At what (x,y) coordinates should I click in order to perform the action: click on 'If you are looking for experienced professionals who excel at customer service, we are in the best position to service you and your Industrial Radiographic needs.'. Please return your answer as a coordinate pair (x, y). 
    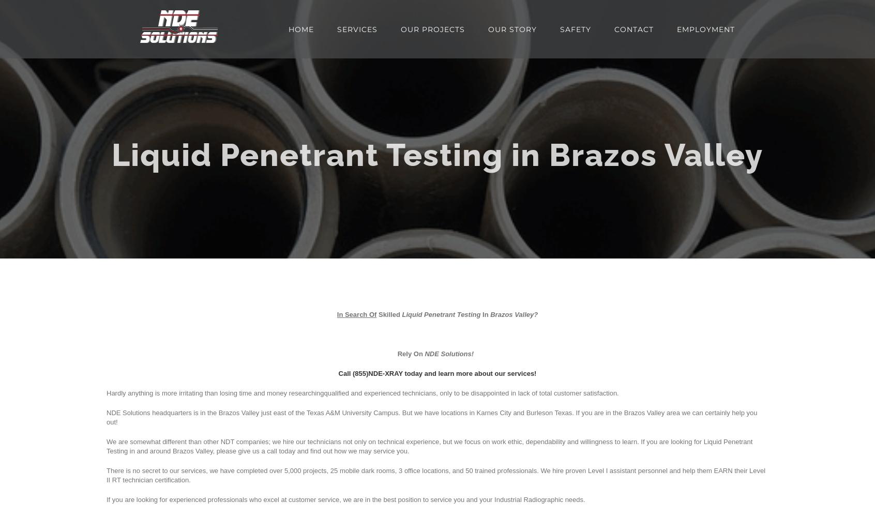
    Looking at the image, I should click on (345, 499).